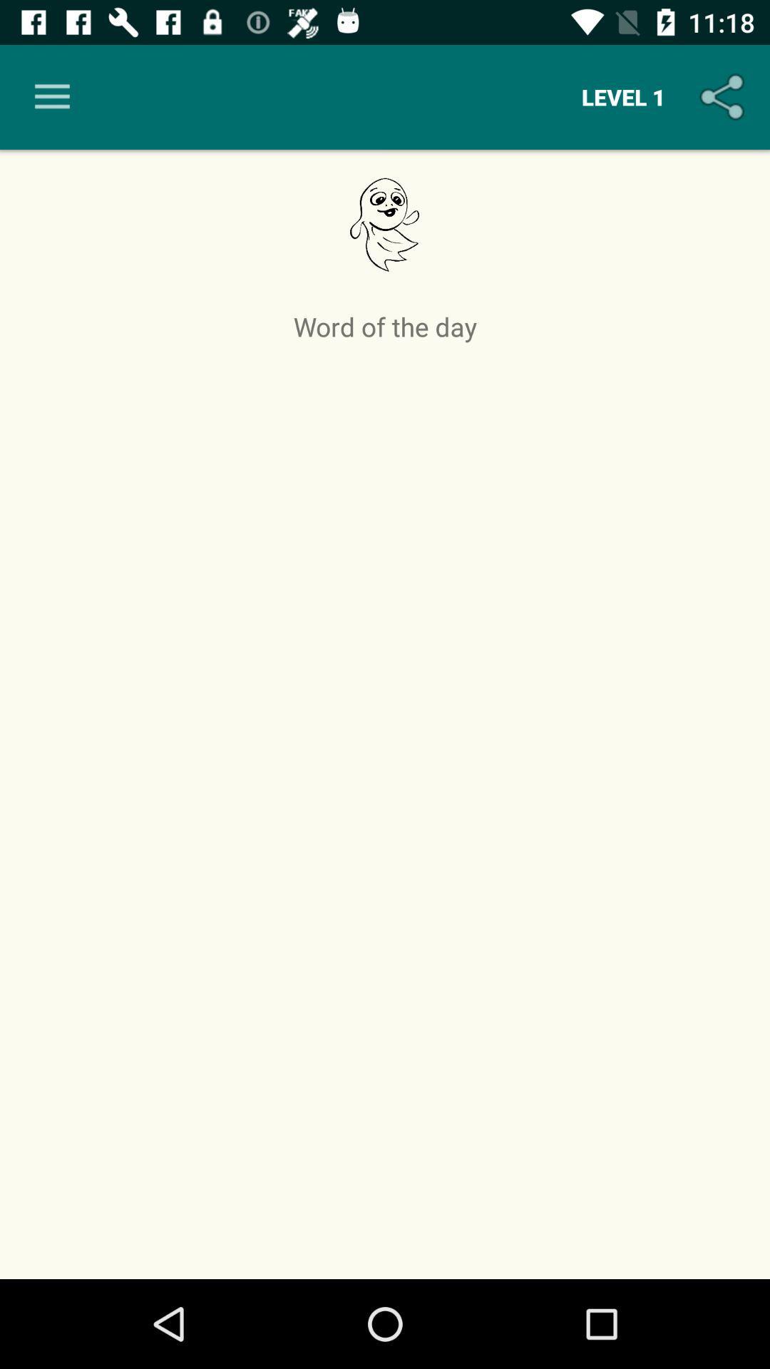  I want to click on icon at the top left corner, so click(51, 96).